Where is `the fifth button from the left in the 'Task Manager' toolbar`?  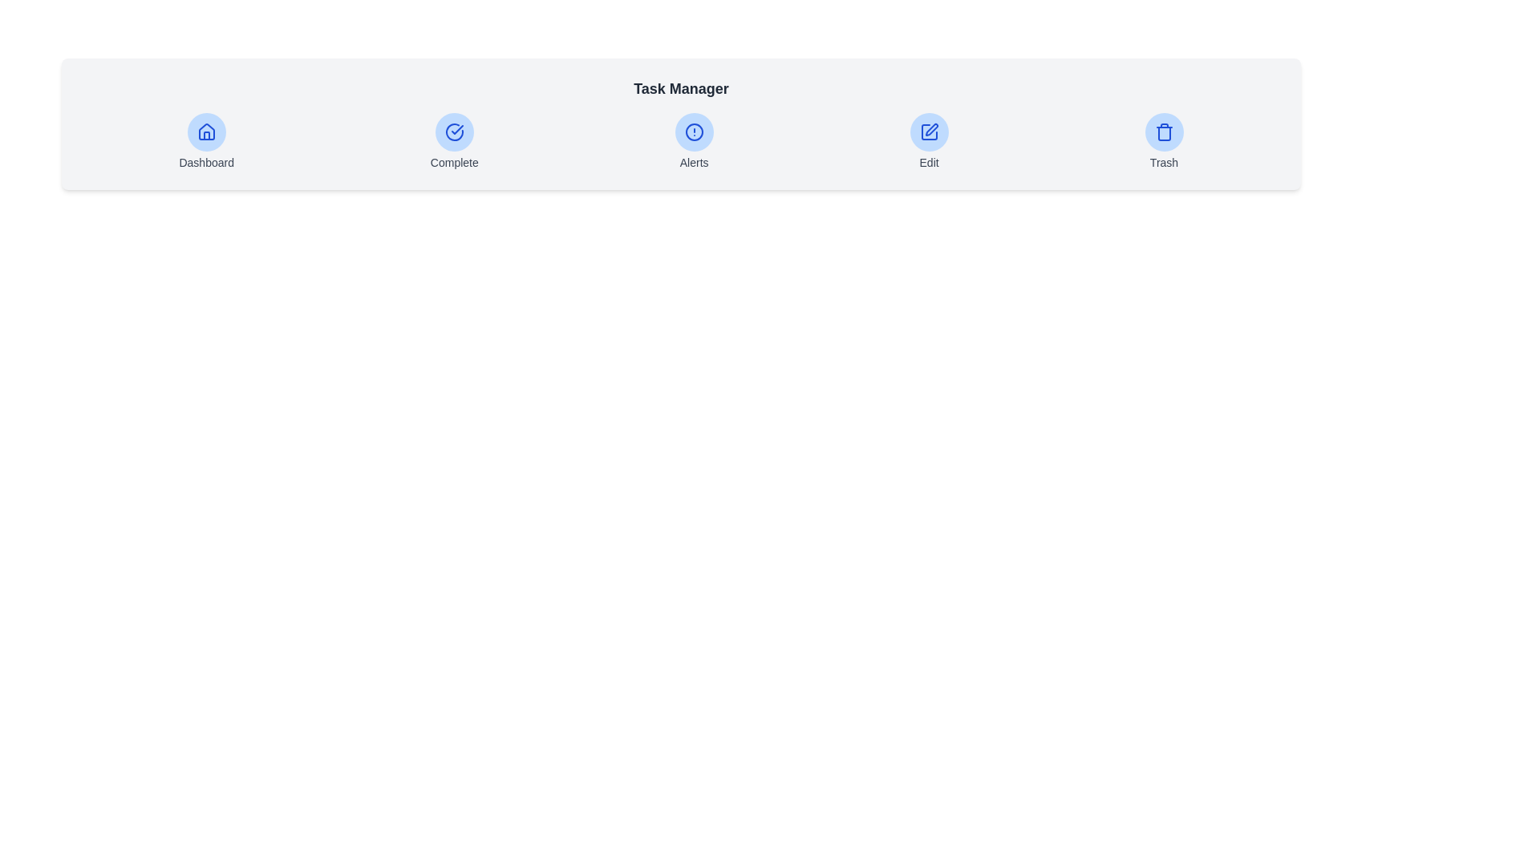 the fifth button from the left in the 'Task Manager' toolbar is located at coordinates (1164, 132).